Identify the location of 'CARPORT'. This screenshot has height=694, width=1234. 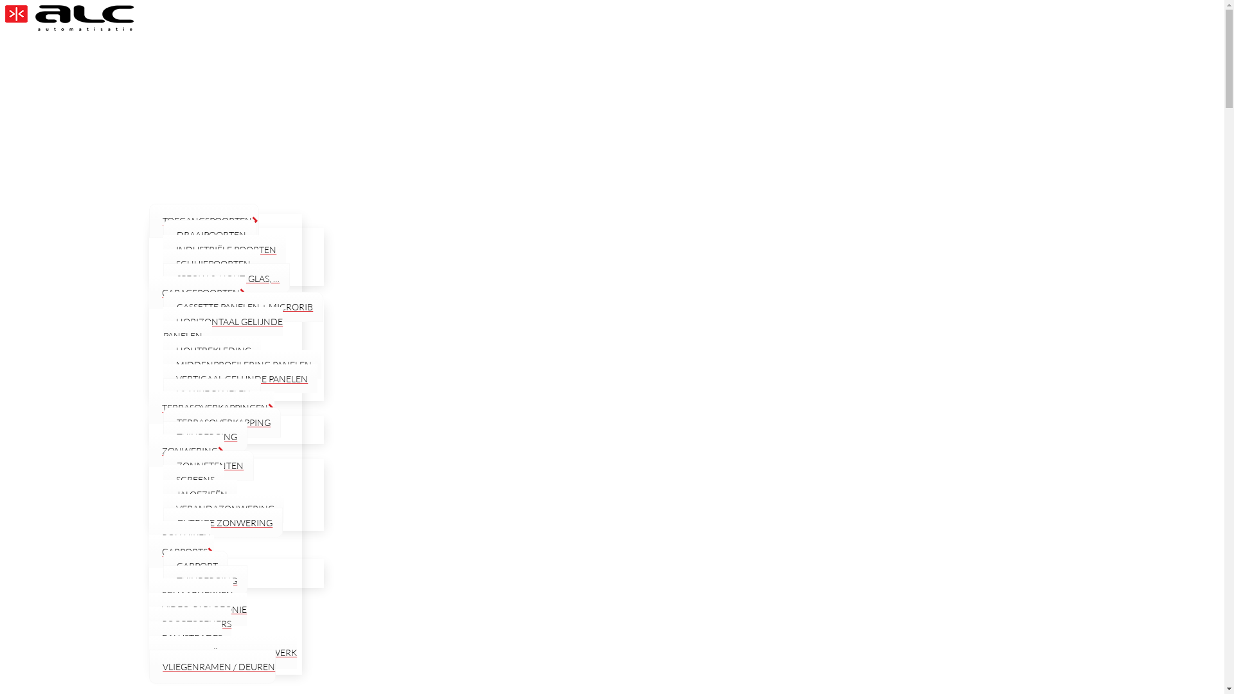
(195, 565).